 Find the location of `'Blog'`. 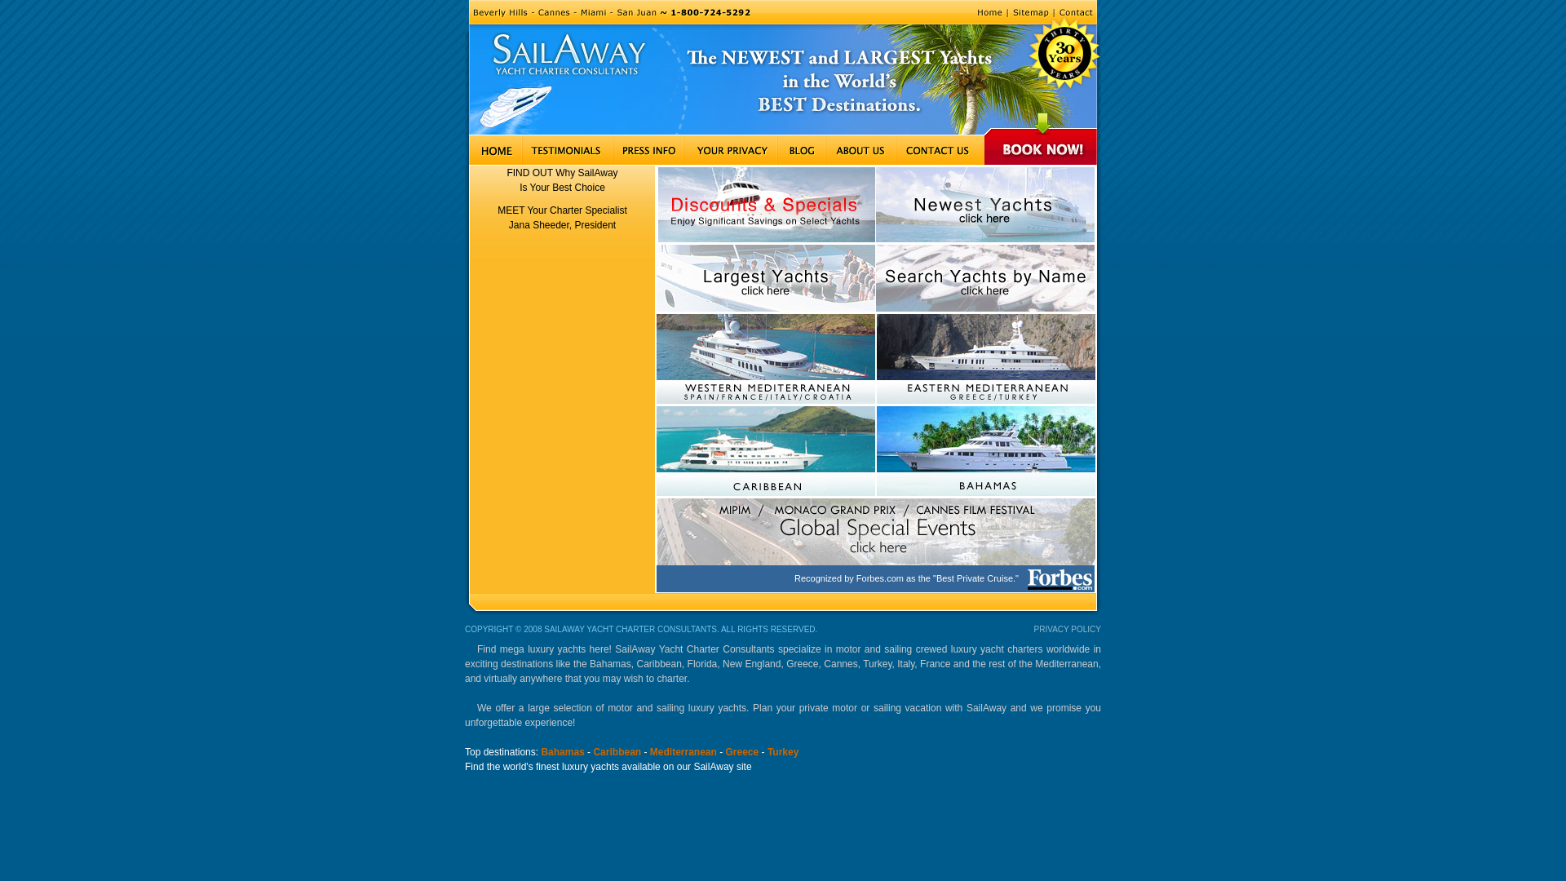

'Blog' is located at coordinates (801, 150).